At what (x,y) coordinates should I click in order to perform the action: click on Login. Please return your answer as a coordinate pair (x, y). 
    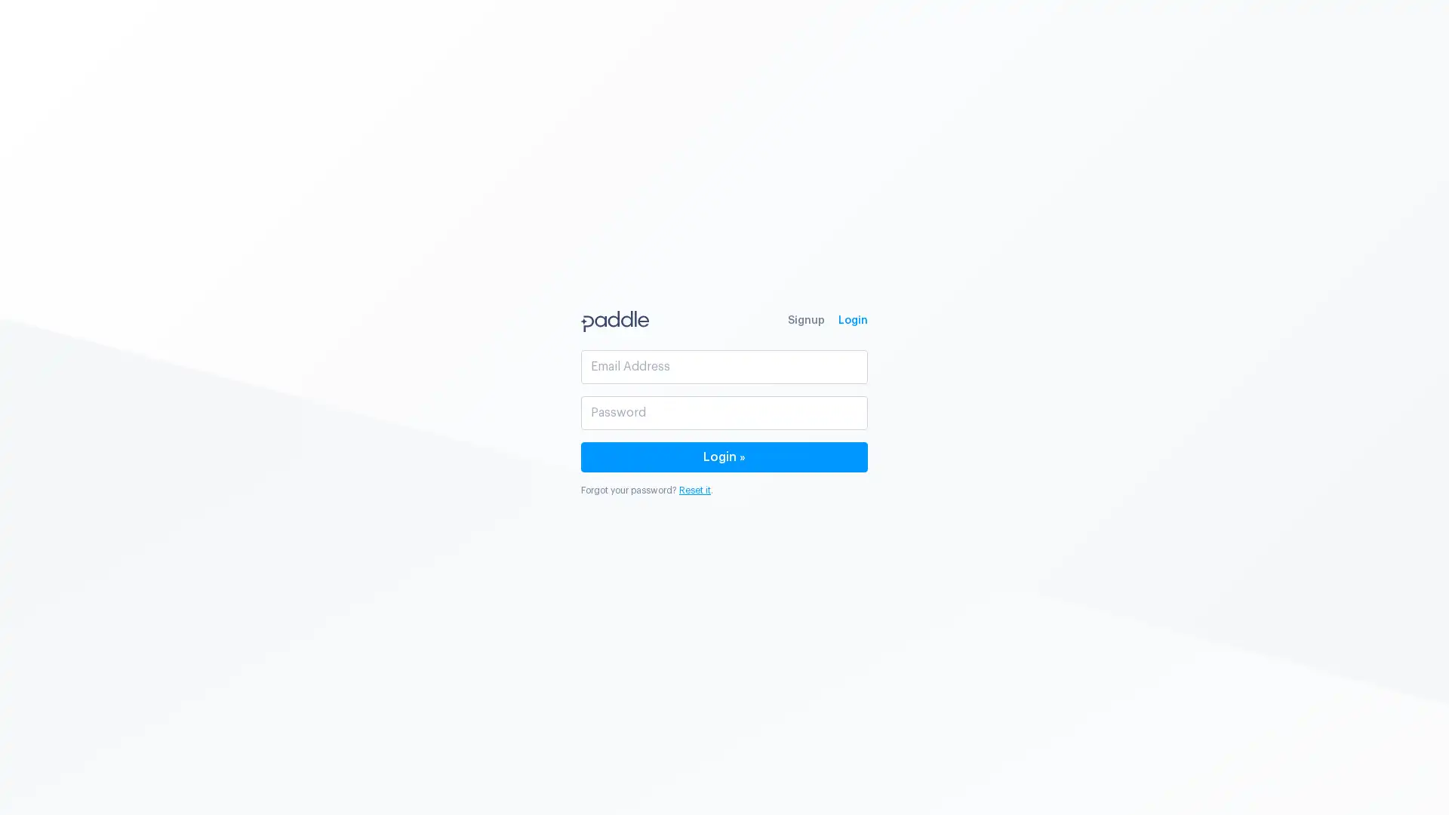
    Looking at the image, I should click on (724, 456).